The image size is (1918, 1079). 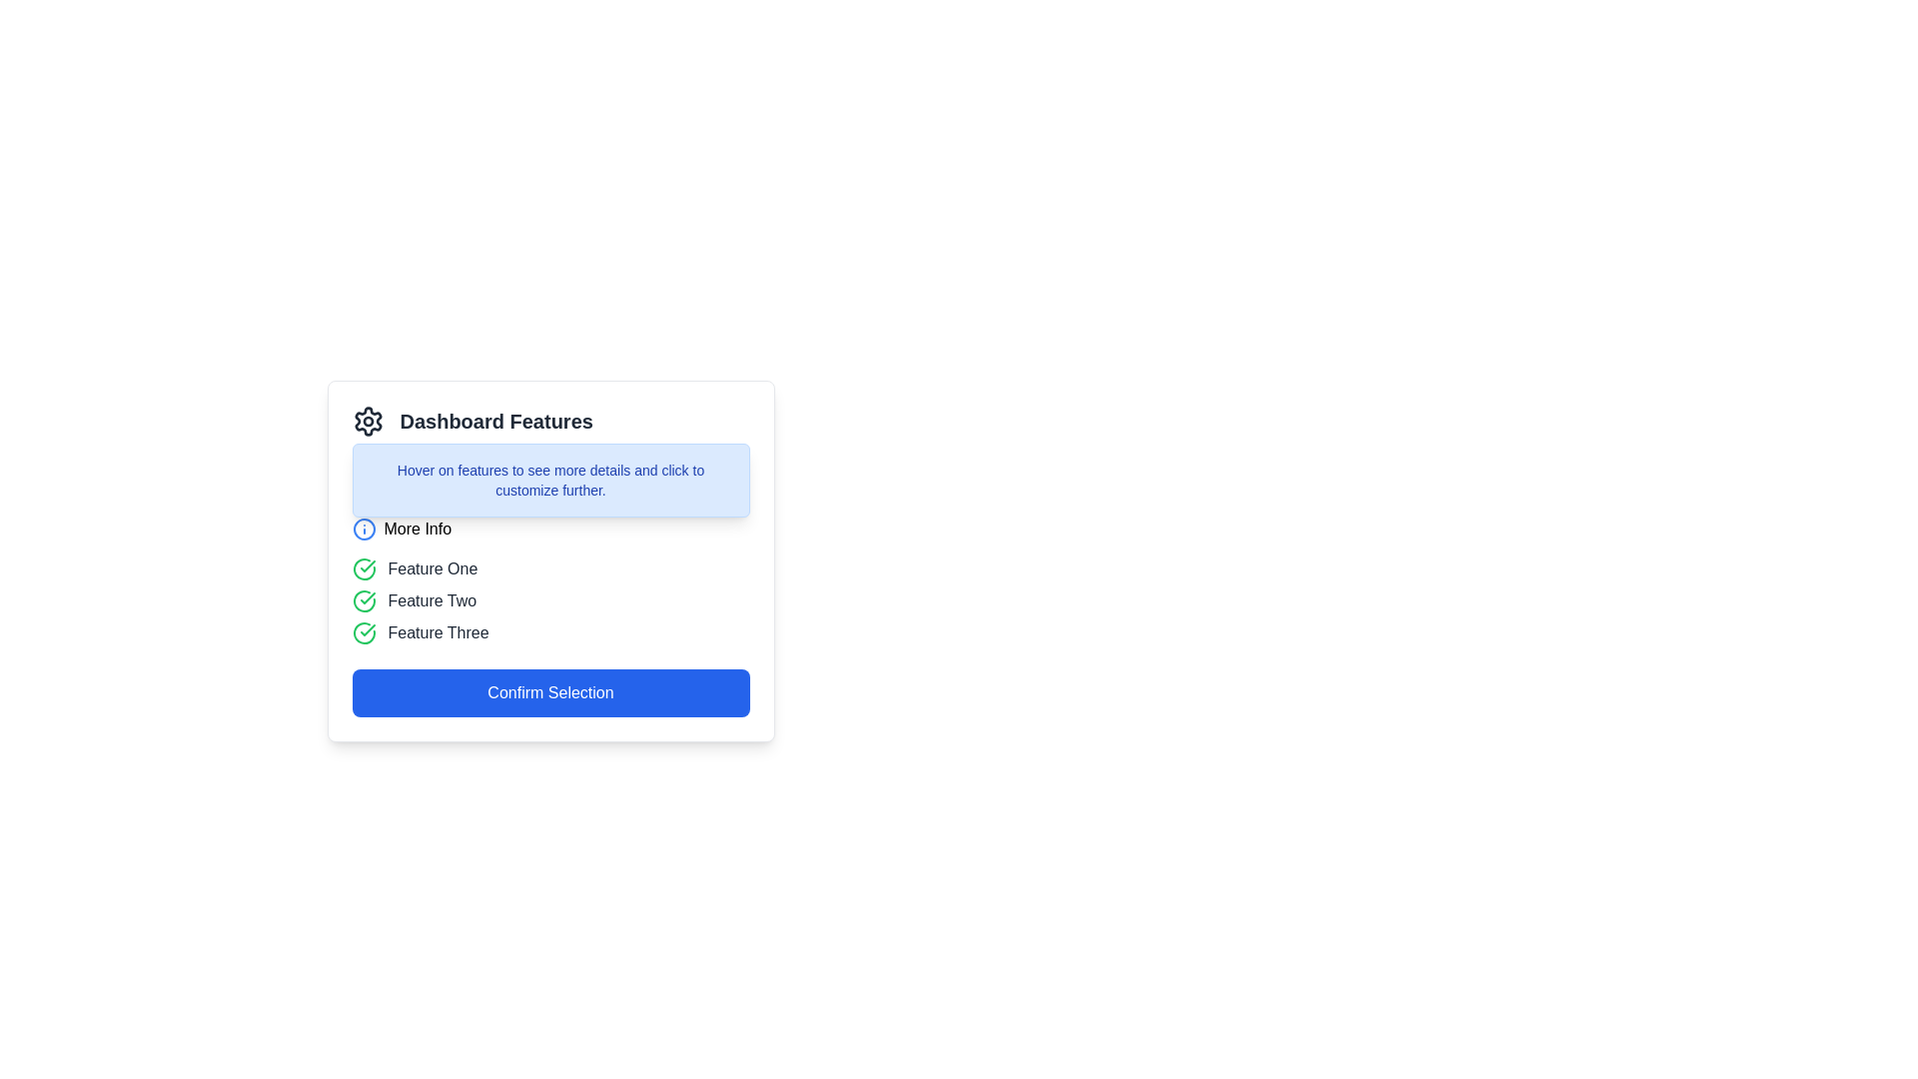 What do you see at coordinates (432, 569) in the screenshot?
I see `text label located under the 'Dashboard Features' section, which is the first item in the list and follows a green checkmark icon` at bounding box center [432, 569].